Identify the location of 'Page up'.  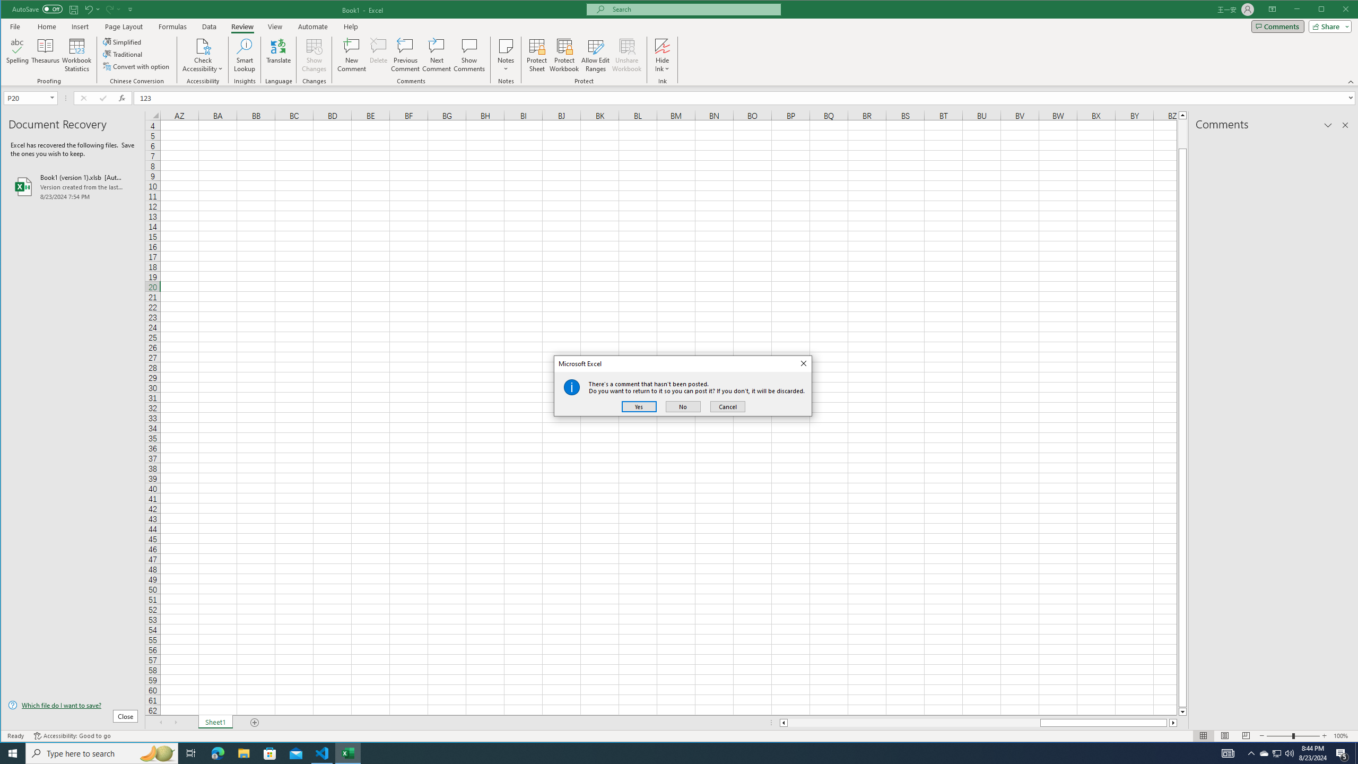
(1182, 133).